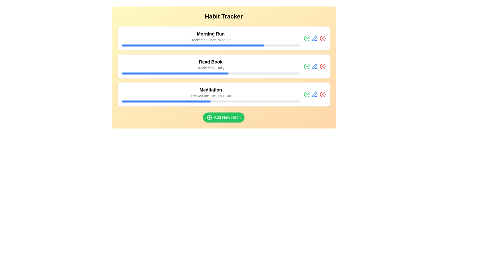 The width and height of the screenshot is (480, 270). I want to click on the visual state of the progress indicator, which is a blue rounded bar occupying 50% of the width of its gray track in the 'Meditation' section of the habit tracker interface, so click(166, 101).